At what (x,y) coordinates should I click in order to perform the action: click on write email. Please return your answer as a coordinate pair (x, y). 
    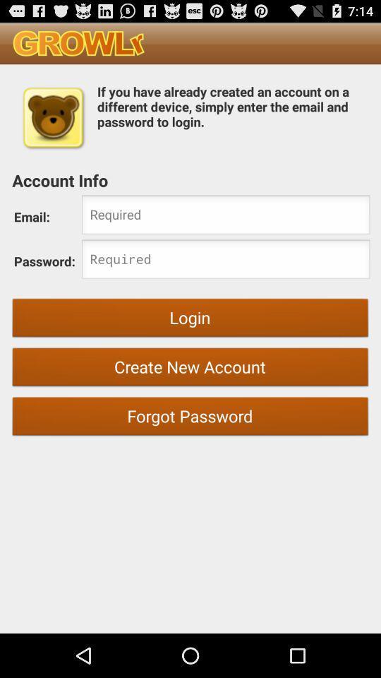
    Looking at the image, I should click on (226, 216).